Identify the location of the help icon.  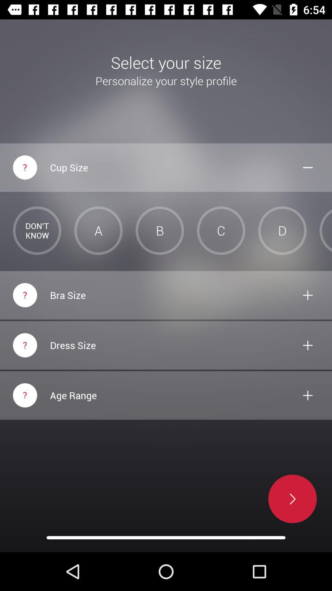
(25, 167).